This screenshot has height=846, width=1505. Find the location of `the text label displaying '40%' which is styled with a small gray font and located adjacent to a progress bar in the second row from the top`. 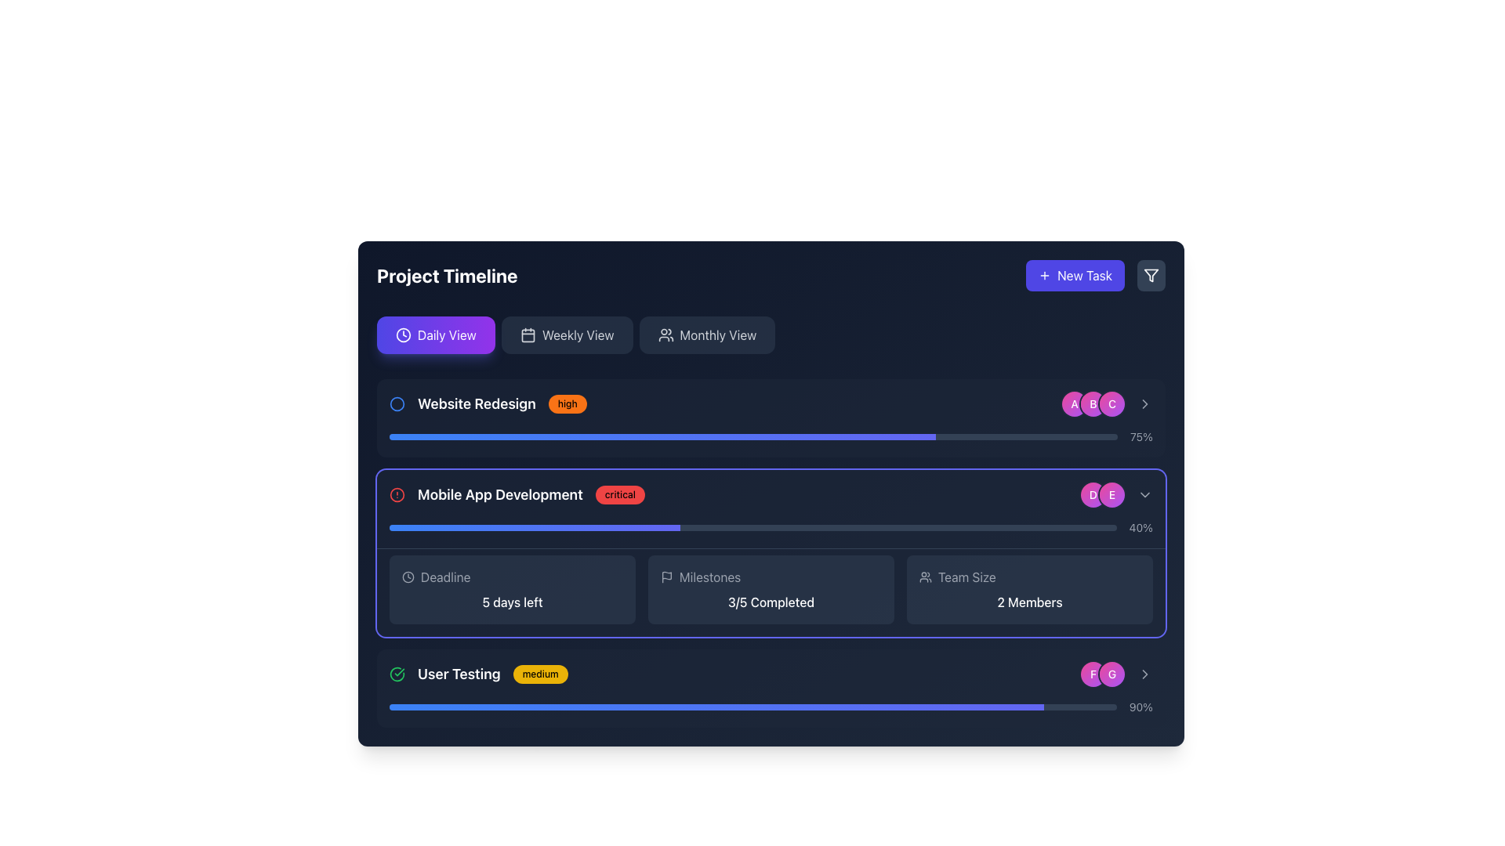

the text label displaying '40%' which is styled with a small gray font and located adjacent to a progress bar in the second row from the top is located at coordinates (1141, 528).